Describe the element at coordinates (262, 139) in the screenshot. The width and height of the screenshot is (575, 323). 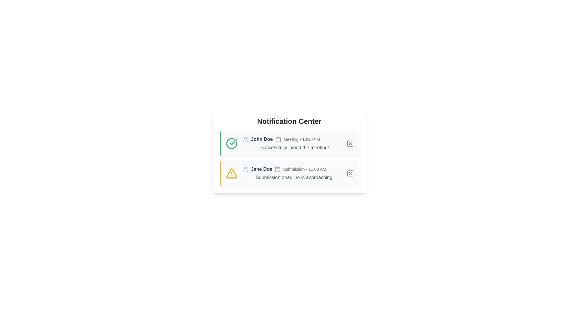
I see `the user name label in the first row of the notification list within the Notification Center, which is located between a user icon and a calendar icon` at that location.